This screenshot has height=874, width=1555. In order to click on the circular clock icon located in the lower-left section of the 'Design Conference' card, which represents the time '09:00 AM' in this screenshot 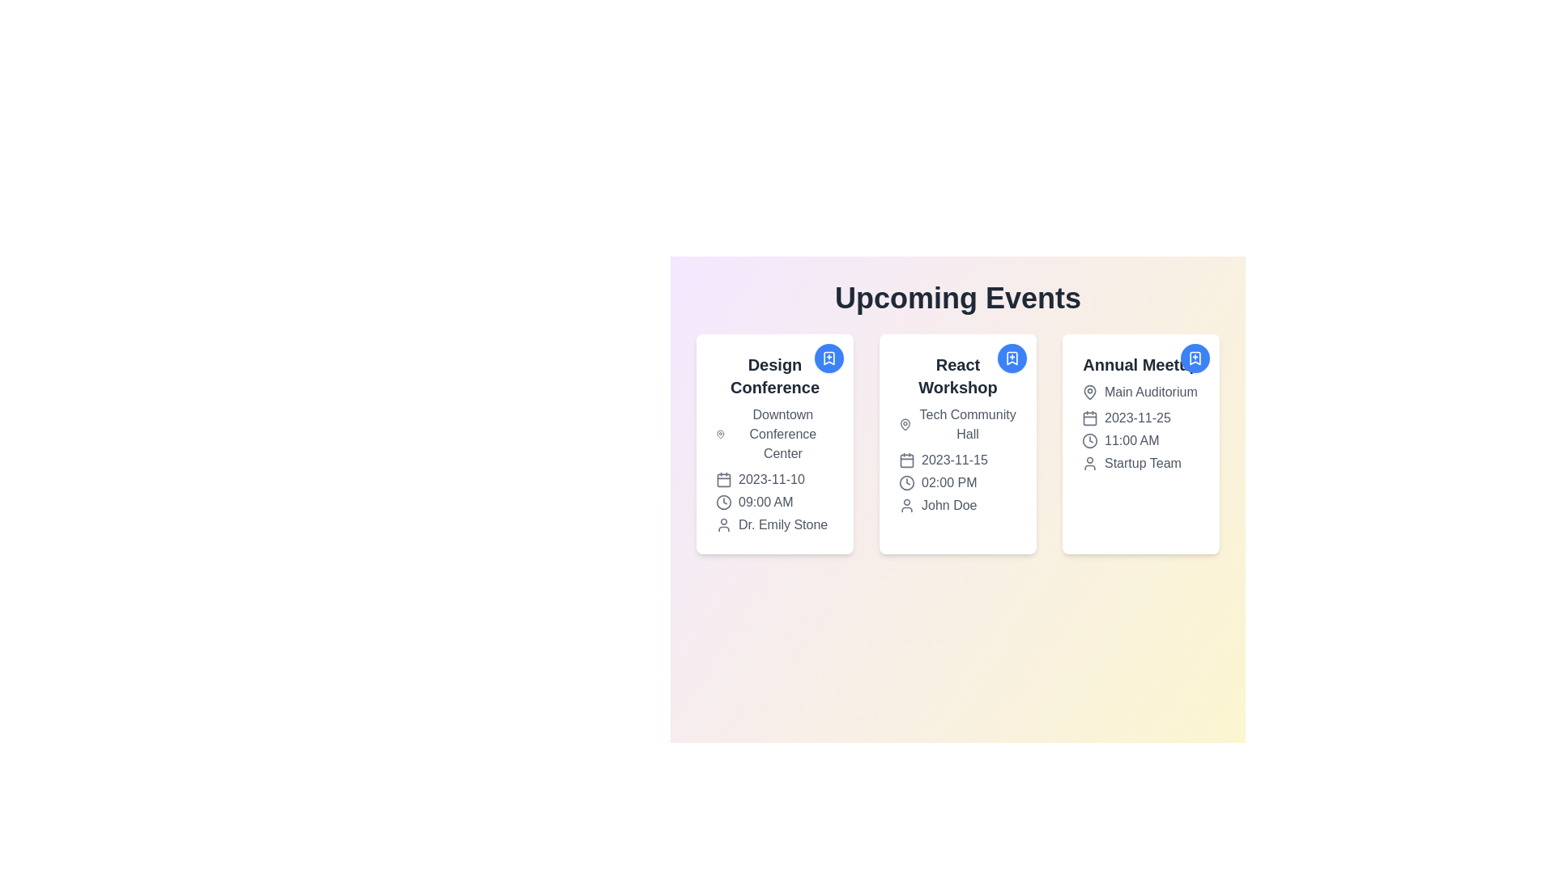, I will do `click(722, 502)`.